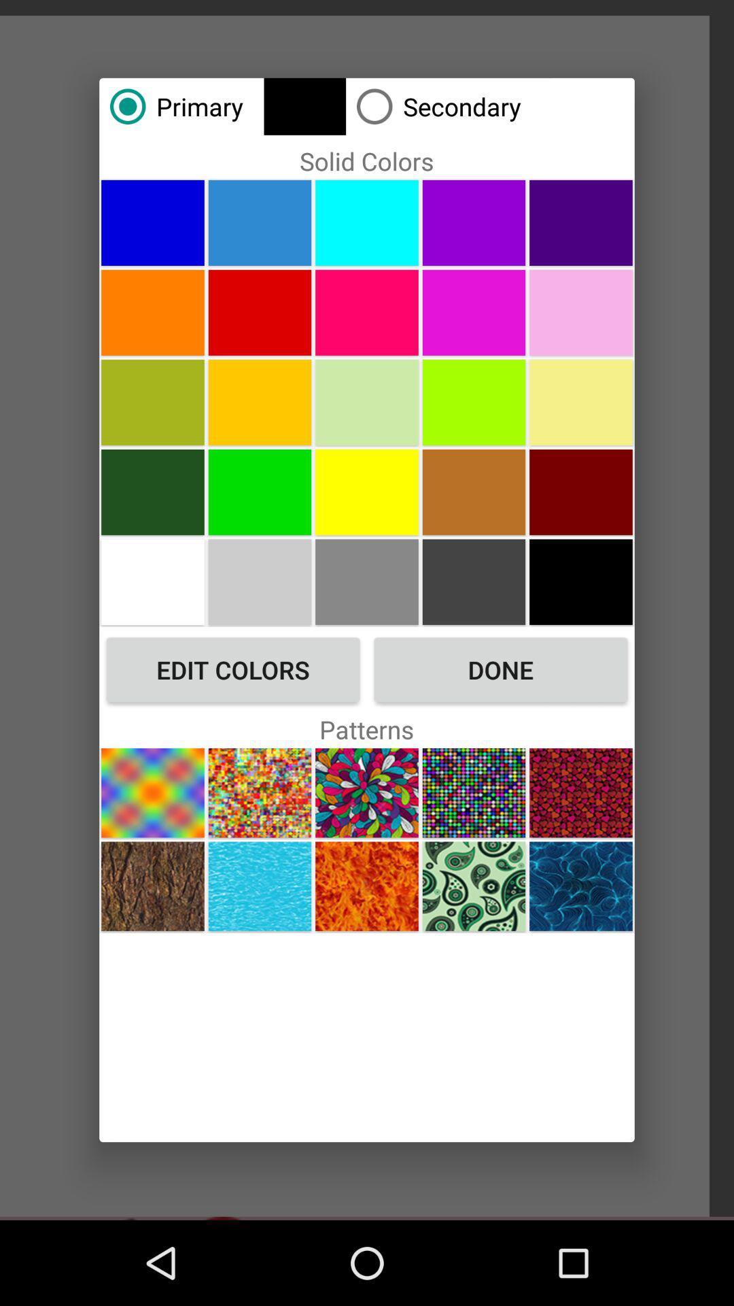 Image resolution: width=734 pixels, height=1306 pixels. Describe the element at coordinates (260, 312) in the screenshot. I see `color options` at that location.